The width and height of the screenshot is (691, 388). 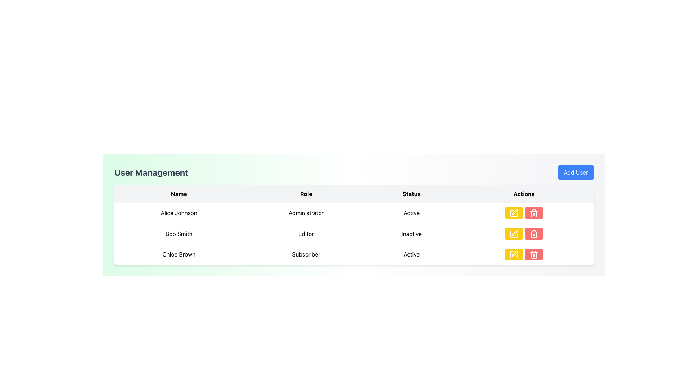 What do you see at coordinates (306, 254) in the screenshot?
I see `the 'Subscriber' text label located in the second column of the 'User Management' table, corresponding to 'Chloe Brown'` at bounding box center [306, 254].